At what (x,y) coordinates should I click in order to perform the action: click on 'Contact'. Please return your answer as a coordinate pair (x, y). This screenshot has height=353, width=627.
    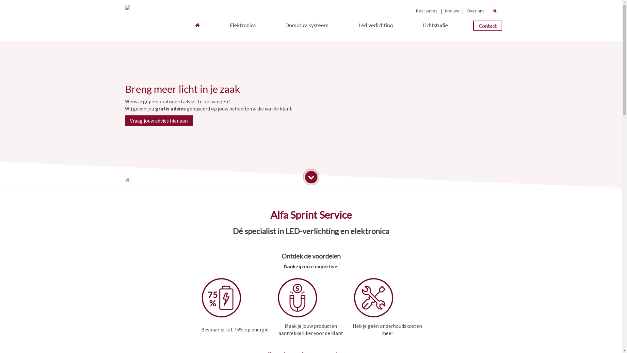
    Looking at the image, I should click on (488, 25).